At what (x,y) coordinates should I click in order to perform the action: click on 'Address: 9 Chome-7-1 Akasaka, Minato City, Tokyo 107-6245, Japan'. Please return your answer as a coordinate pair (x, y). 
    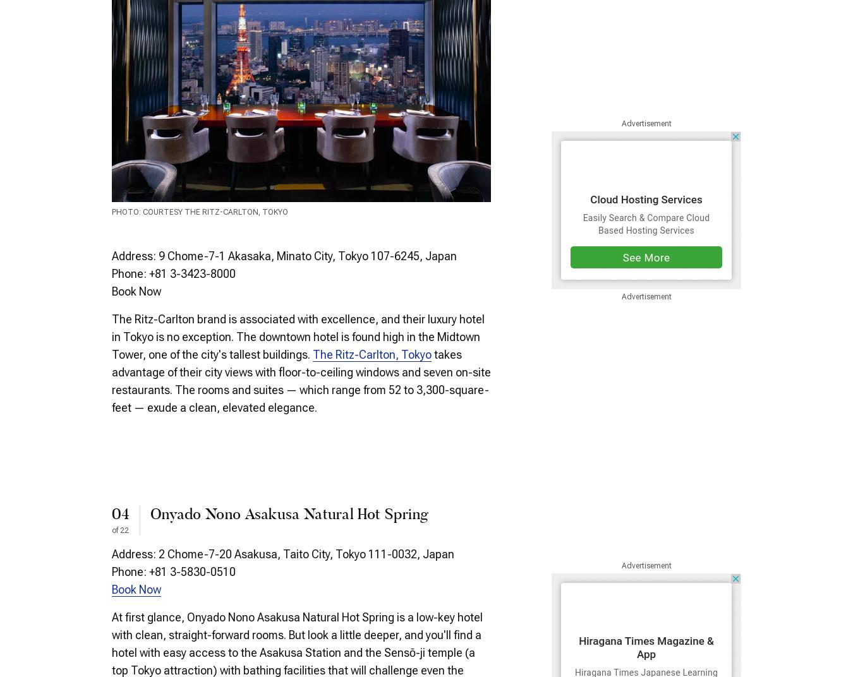
    Looking at the image, I should click on (284, 255).